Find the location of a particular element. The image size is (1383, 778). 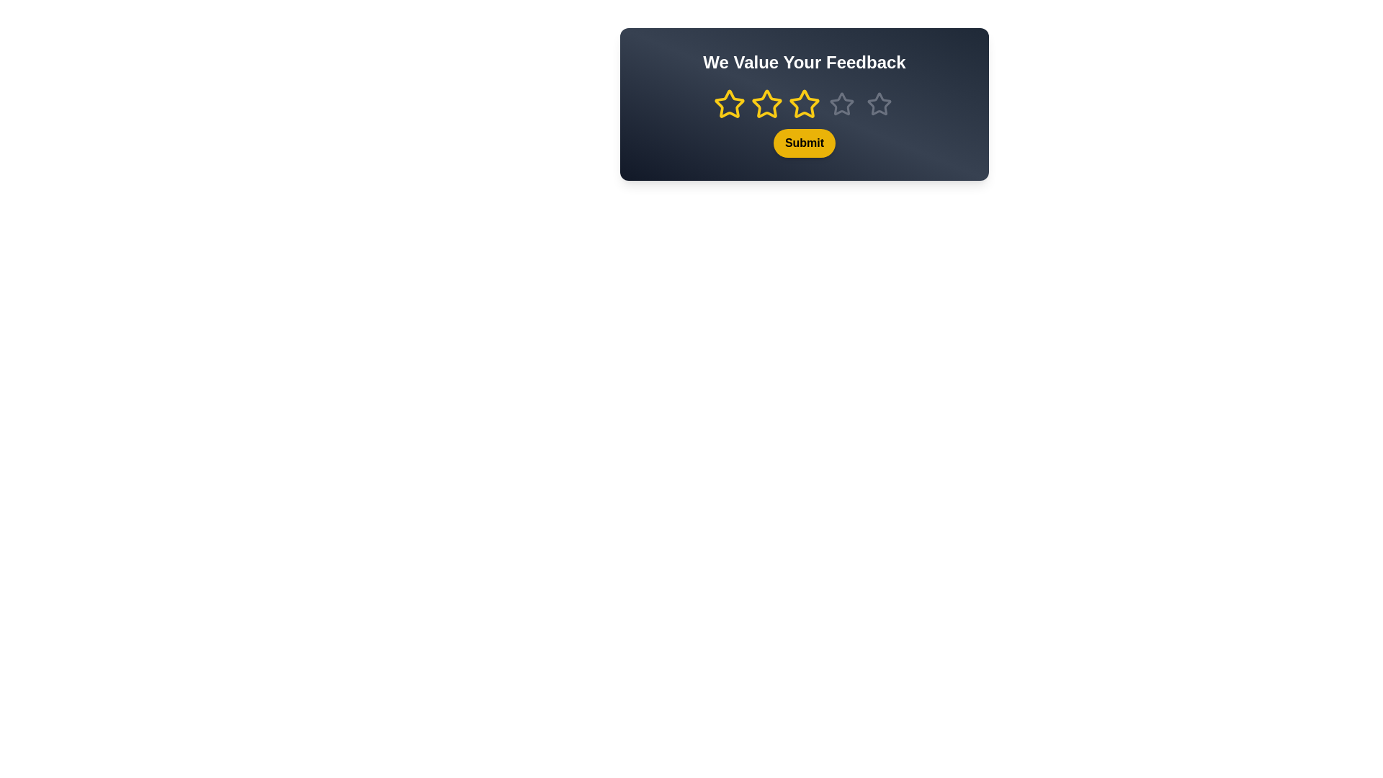

the third interactive star in the star rating component is located at coordinates (804, 104).